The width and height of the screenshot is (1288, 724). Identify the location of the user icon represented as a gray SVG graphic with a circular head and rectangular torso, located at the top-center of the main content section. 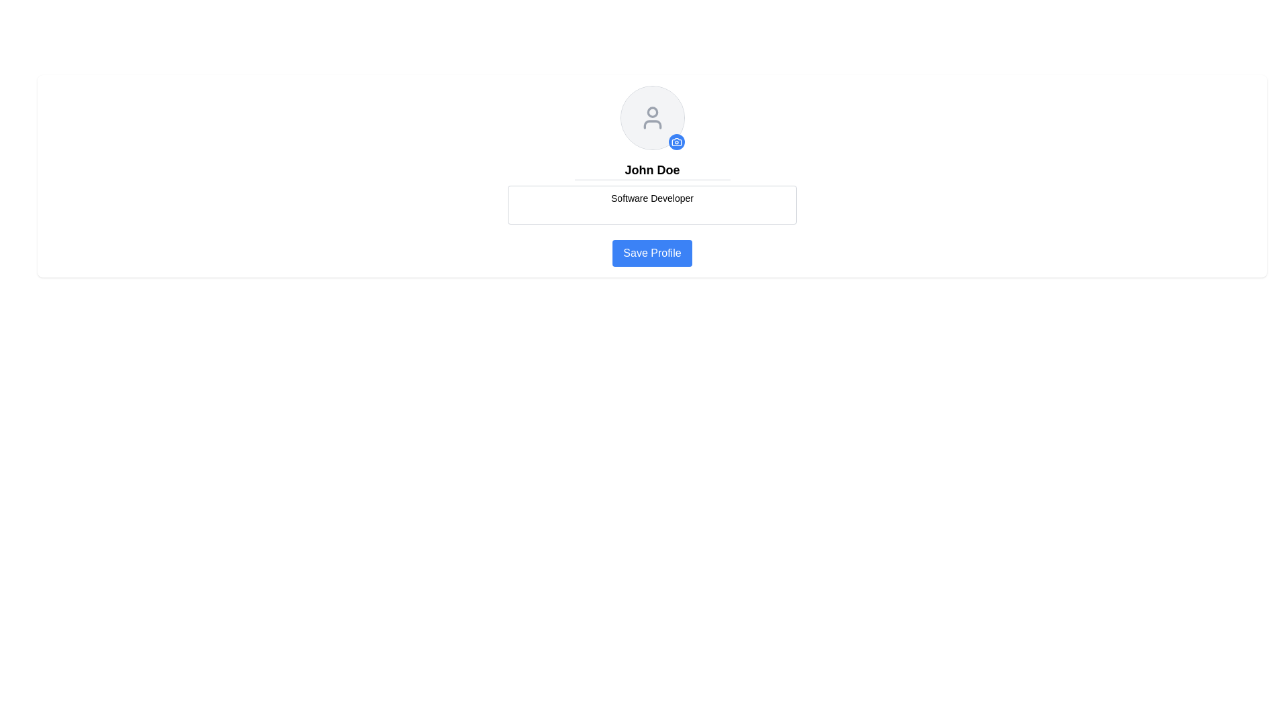
(652, 117).